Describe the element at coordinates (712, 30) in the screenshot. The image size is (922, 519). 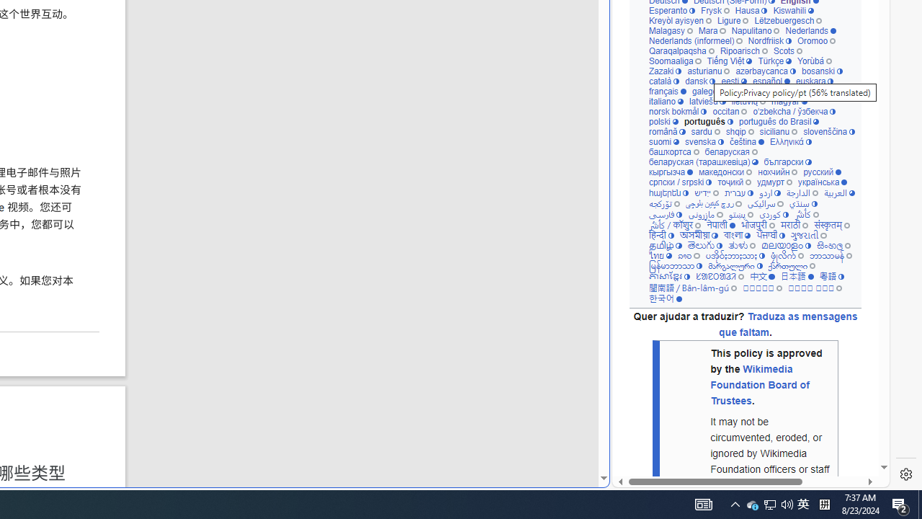
I see `'Mara'` at that location.